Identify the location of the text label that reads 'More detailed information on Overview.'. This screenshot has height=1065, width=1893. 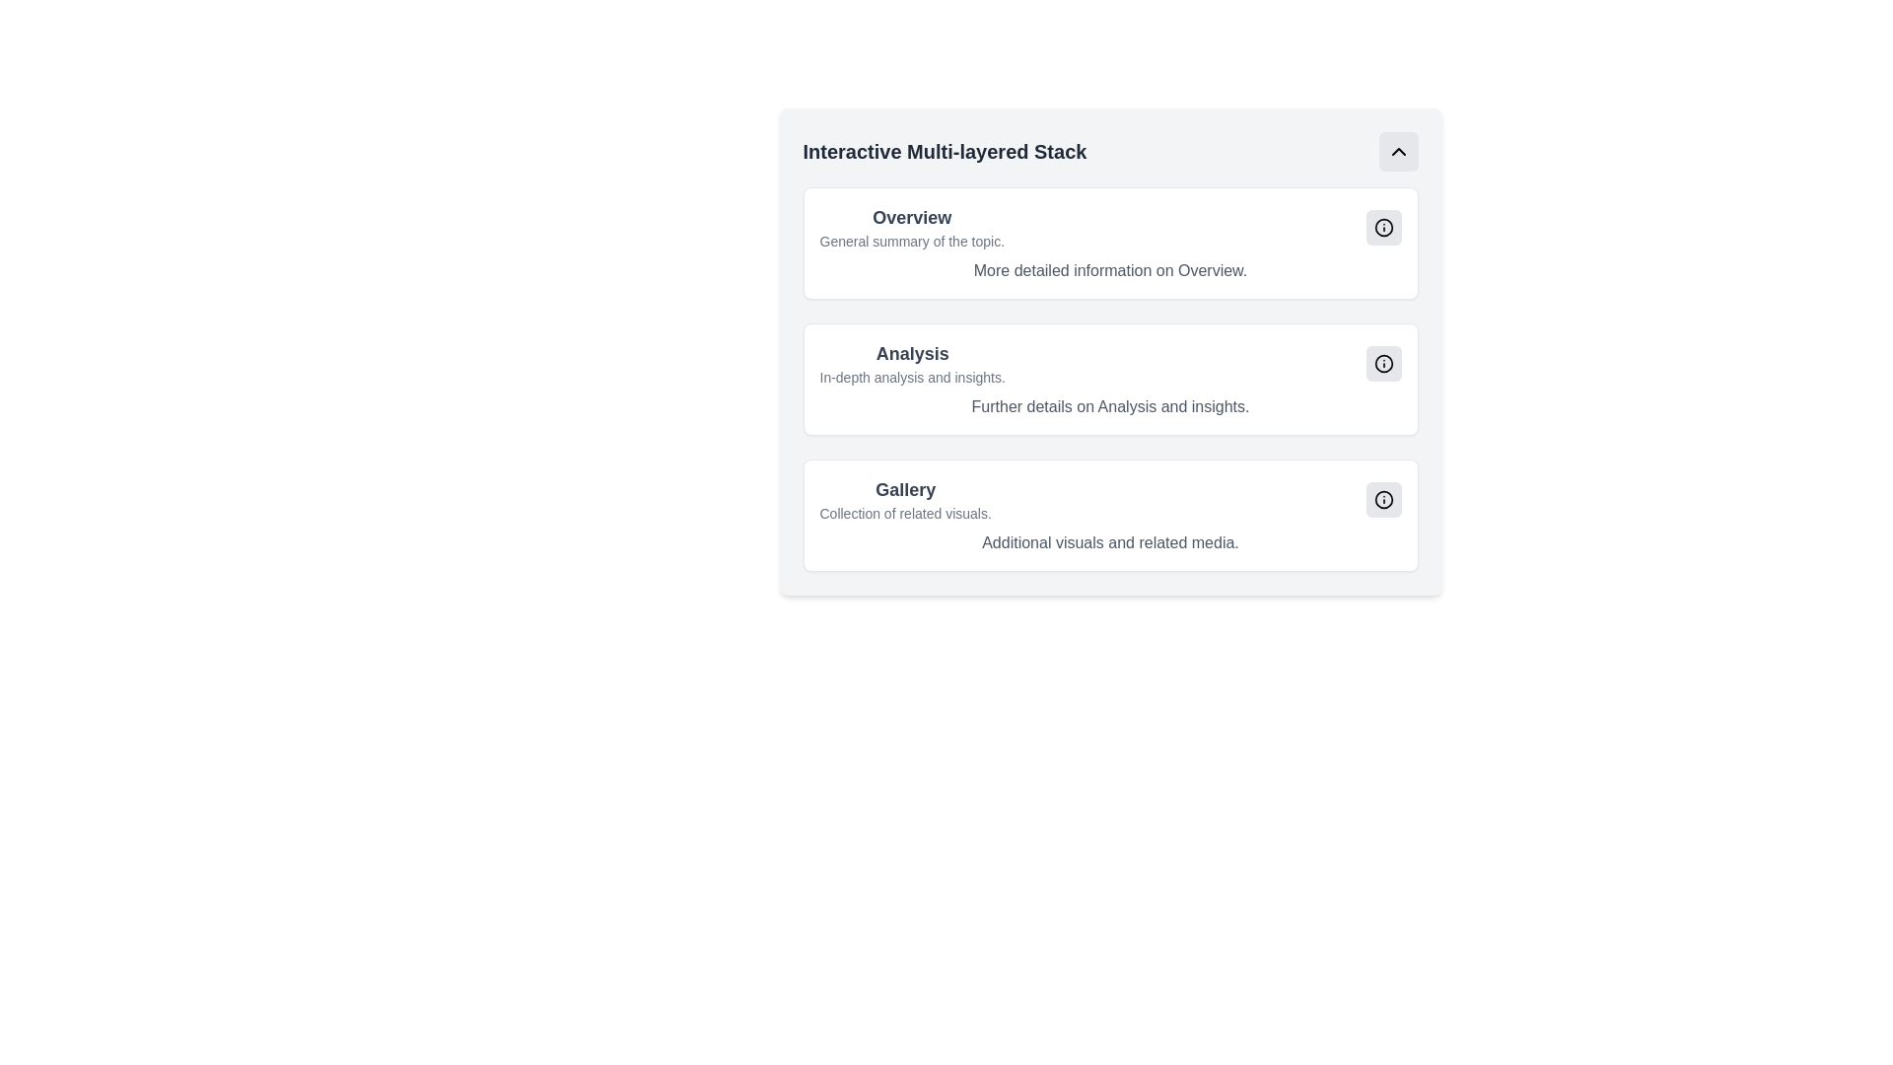
(1110, 270).